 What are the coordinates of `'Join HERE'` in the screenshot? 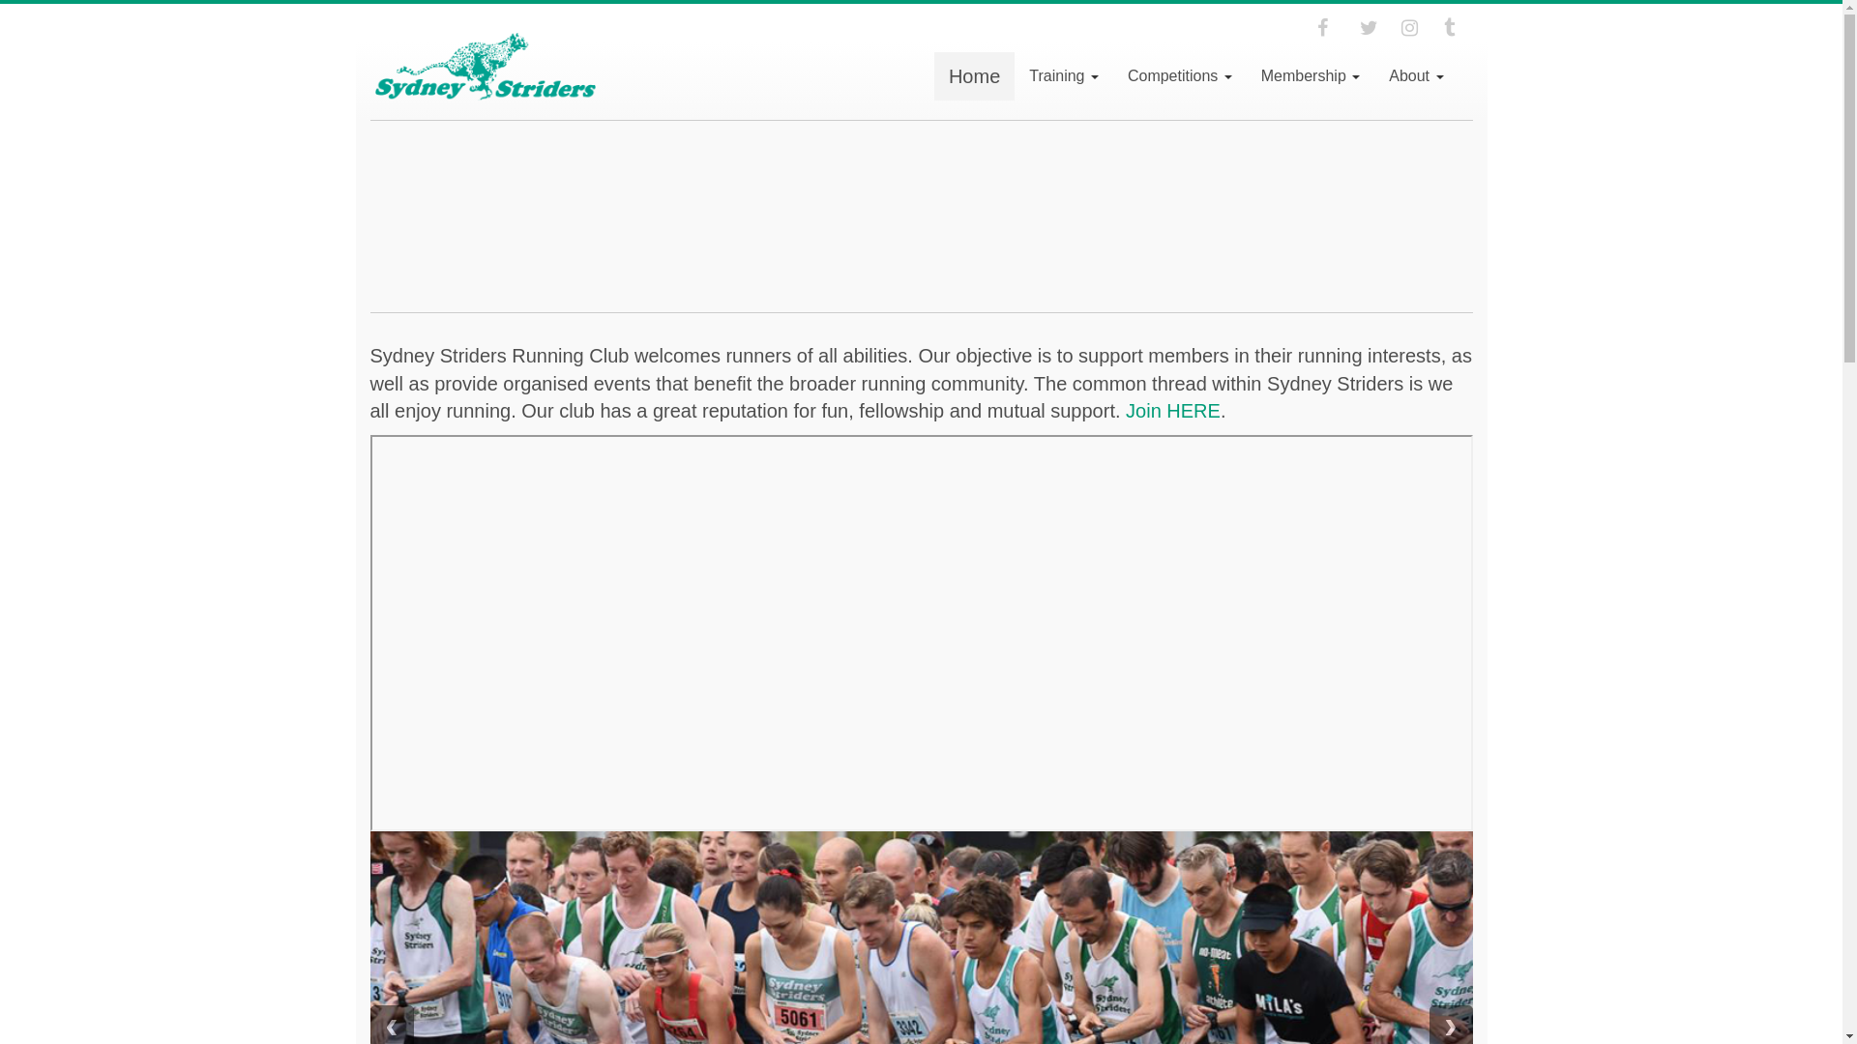 It's located at (1172, 409).